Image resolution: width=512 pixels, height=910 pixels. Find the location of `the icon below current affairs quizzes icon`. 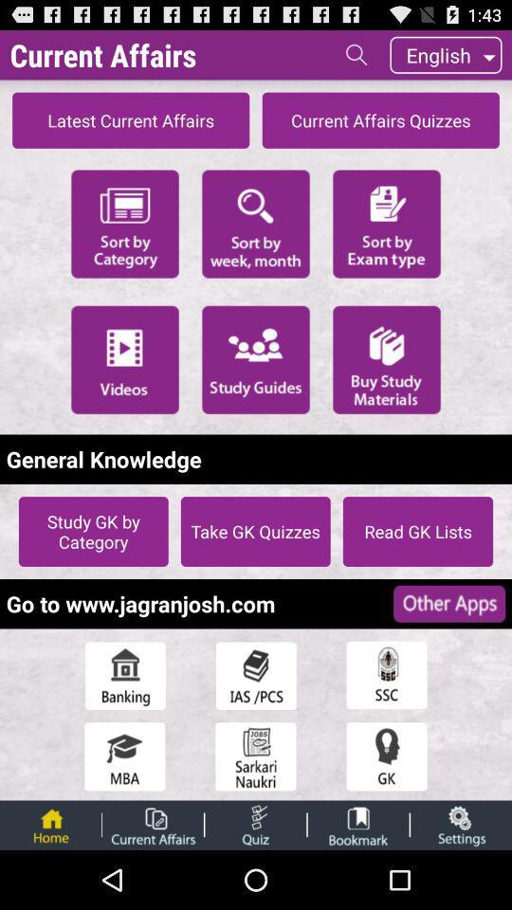

the icon below current affairs quizzes icon is located at coordinates (386, 223).